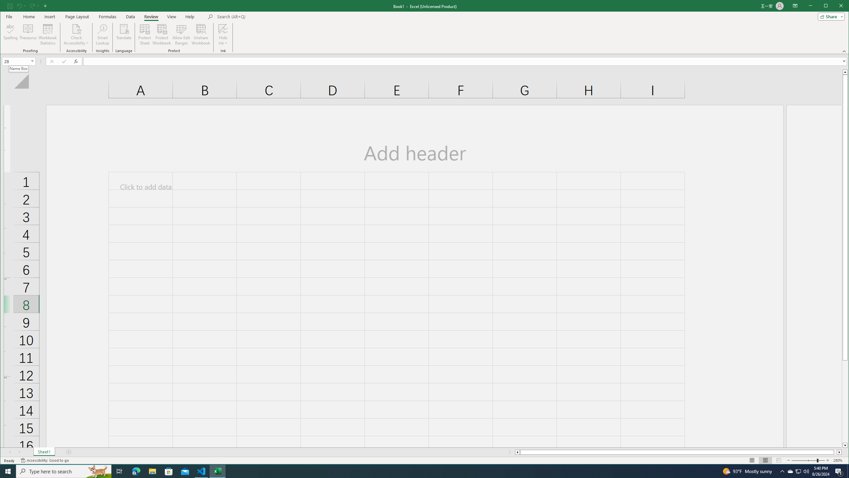 This screenshot has width=849, height=478. Describe the element at coordinates (835, 6) in the screenshot. I see `'Maximize'` at that location.